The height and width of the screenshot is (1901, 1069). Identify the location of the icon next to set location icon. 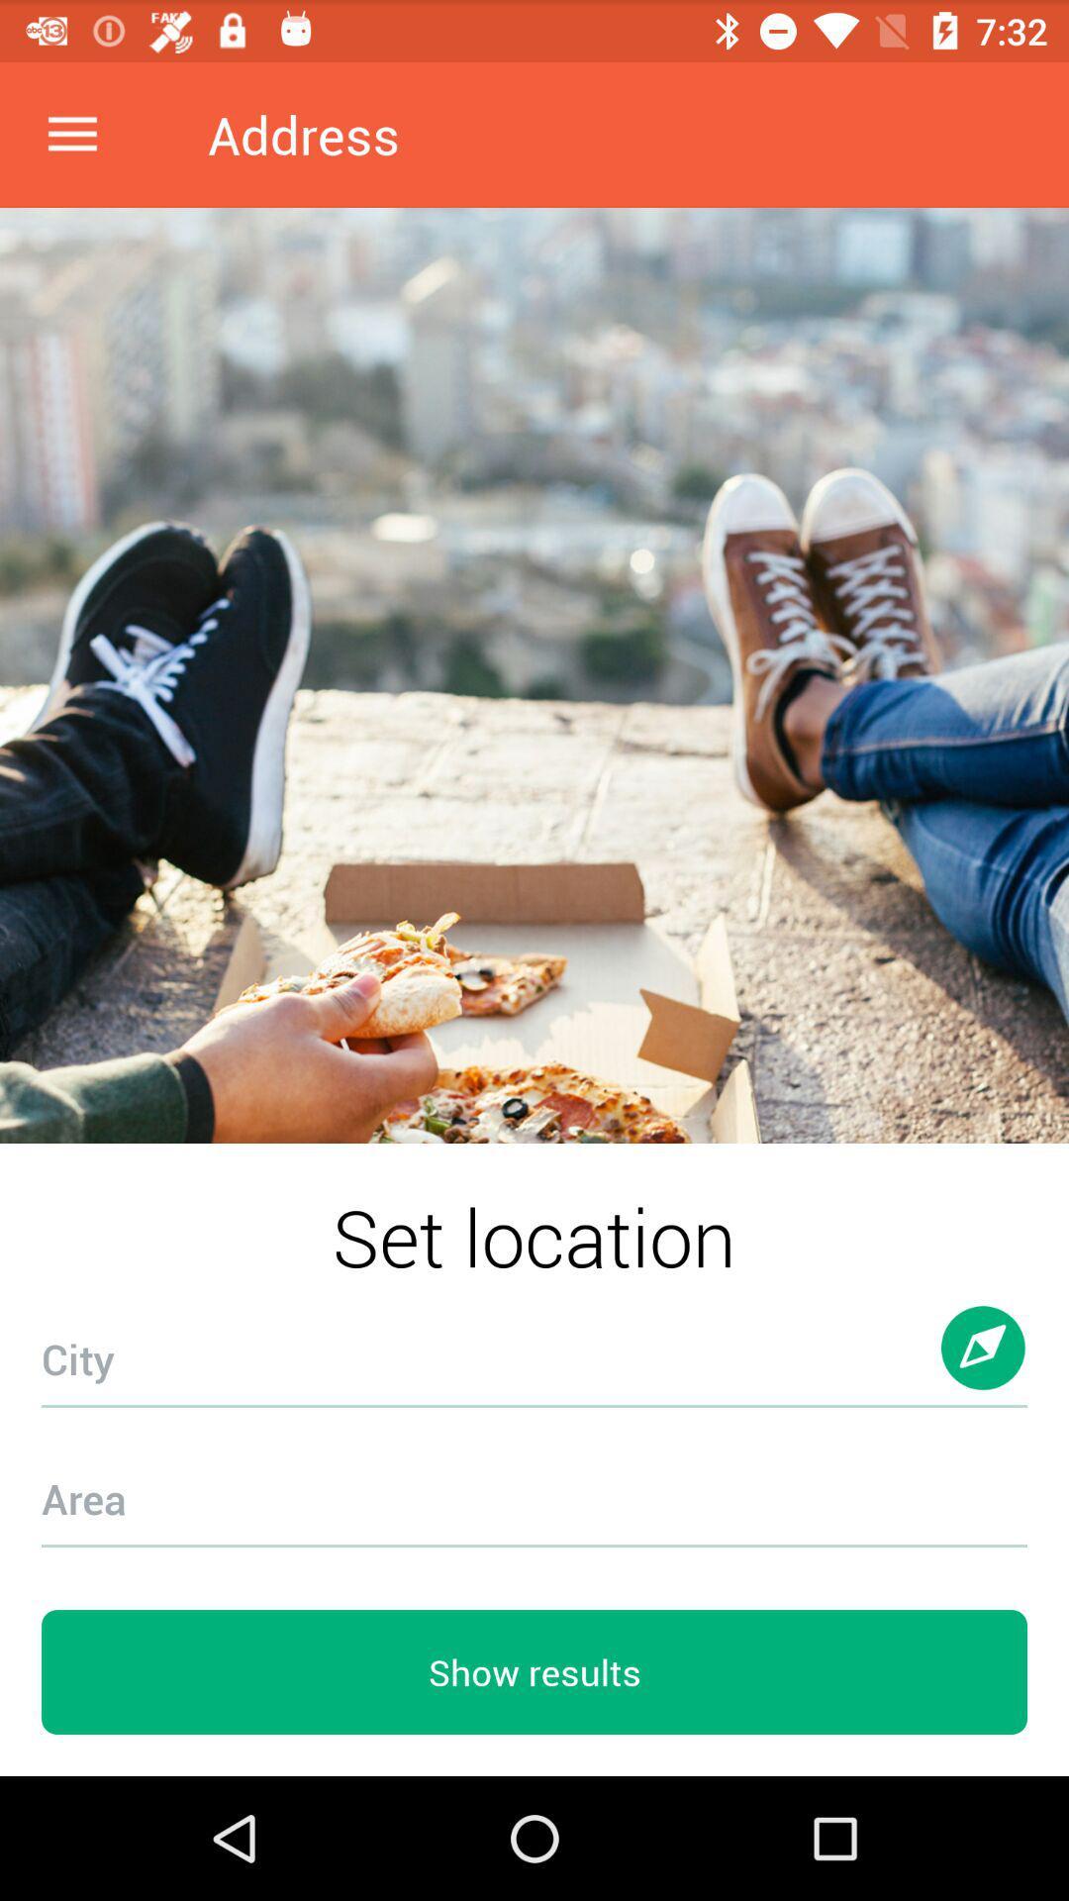
(984, 1366).